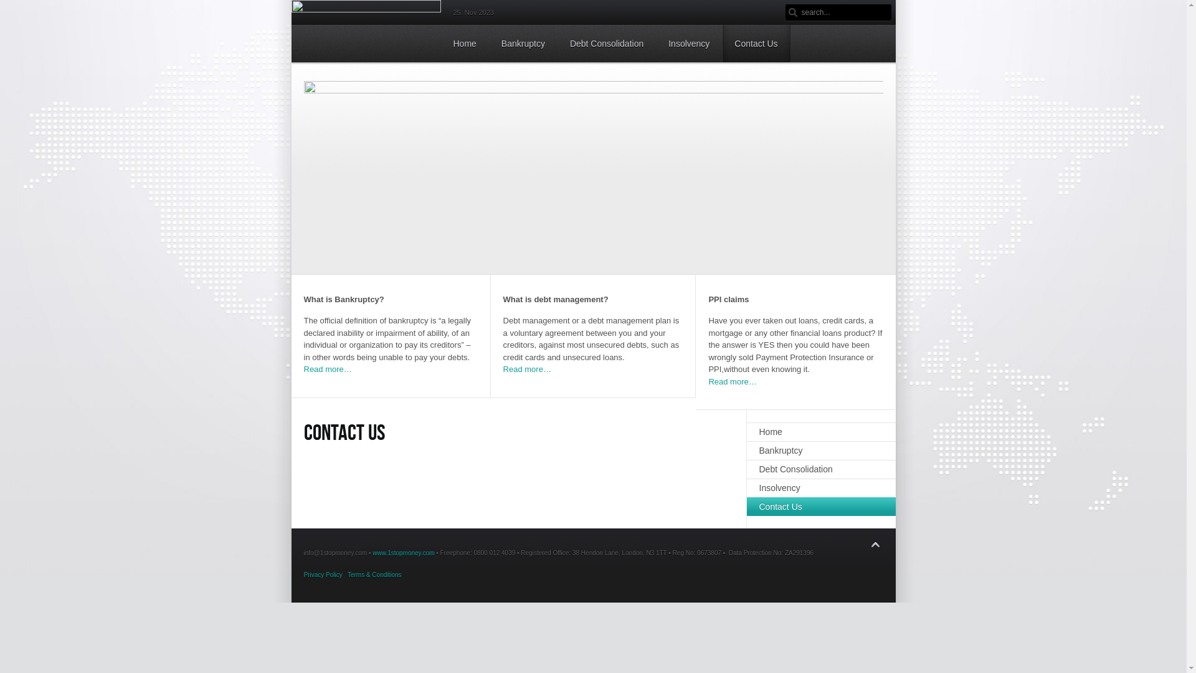  Describe the element at coordinates (820, 507) in the screenshot. I see `'Contact Us'` at that location.